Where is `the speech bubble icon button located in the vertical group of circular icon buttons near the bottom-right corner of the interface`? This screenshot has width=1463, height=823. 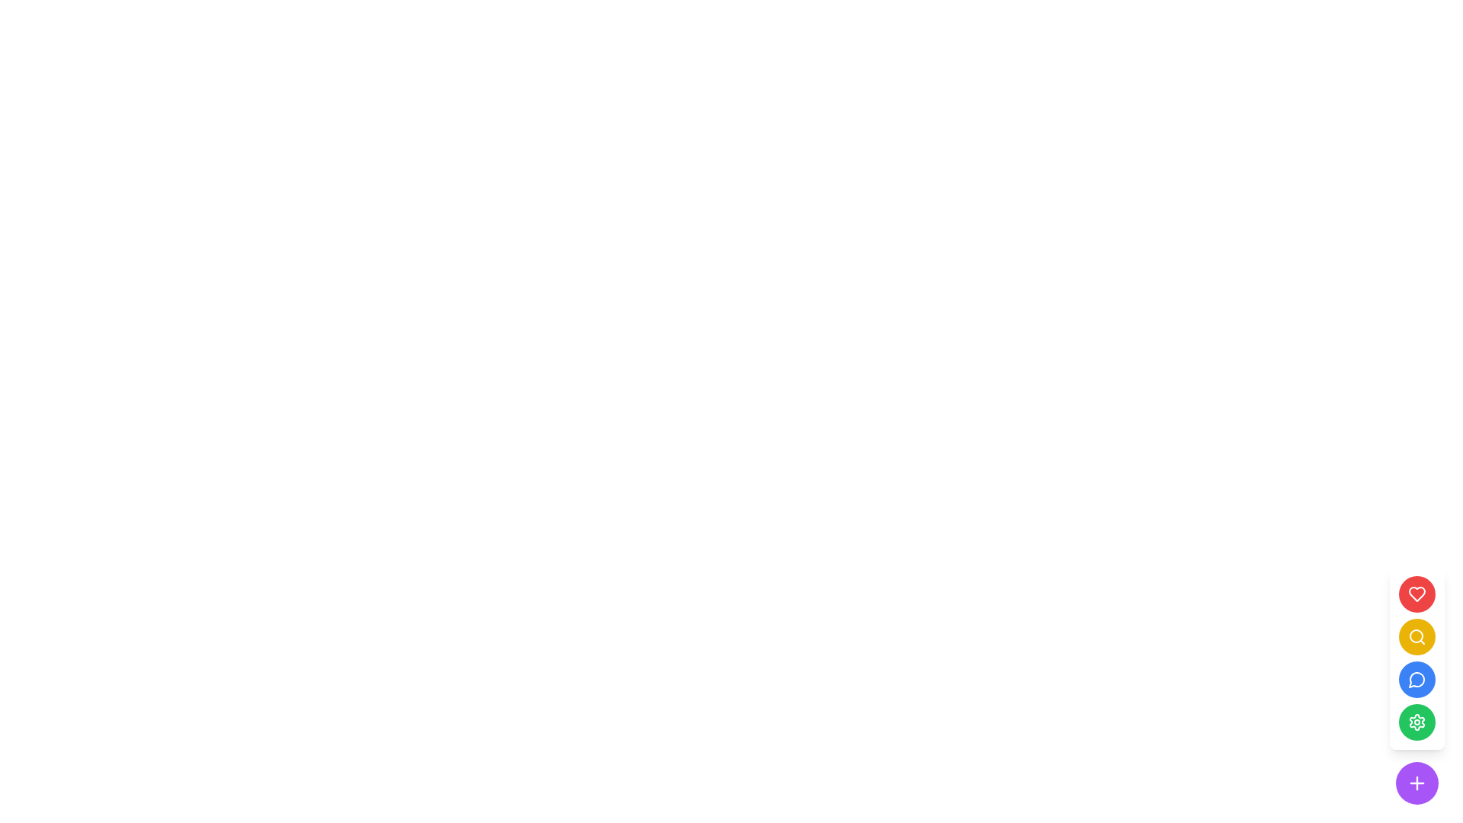 the speech bubble icon button located in the vertical group of circular icon buttons near the bottom-right corner of the interface is located at coordinates (1416, 679).